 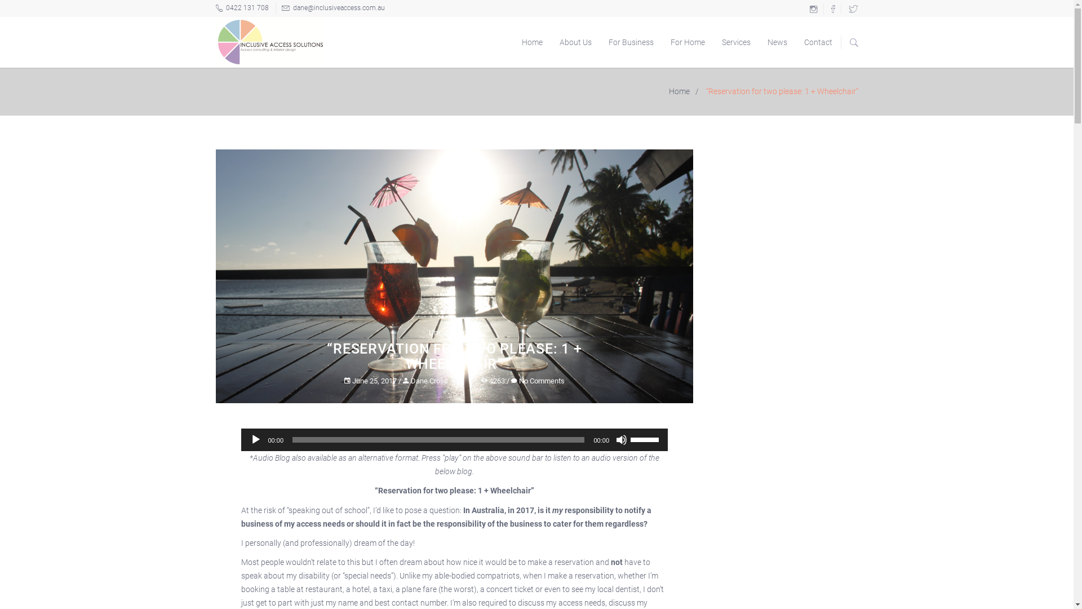 What do you see at coordinates (736, 41) in the screenshot?
I see `'Services'` at bounding box center [736, 41].